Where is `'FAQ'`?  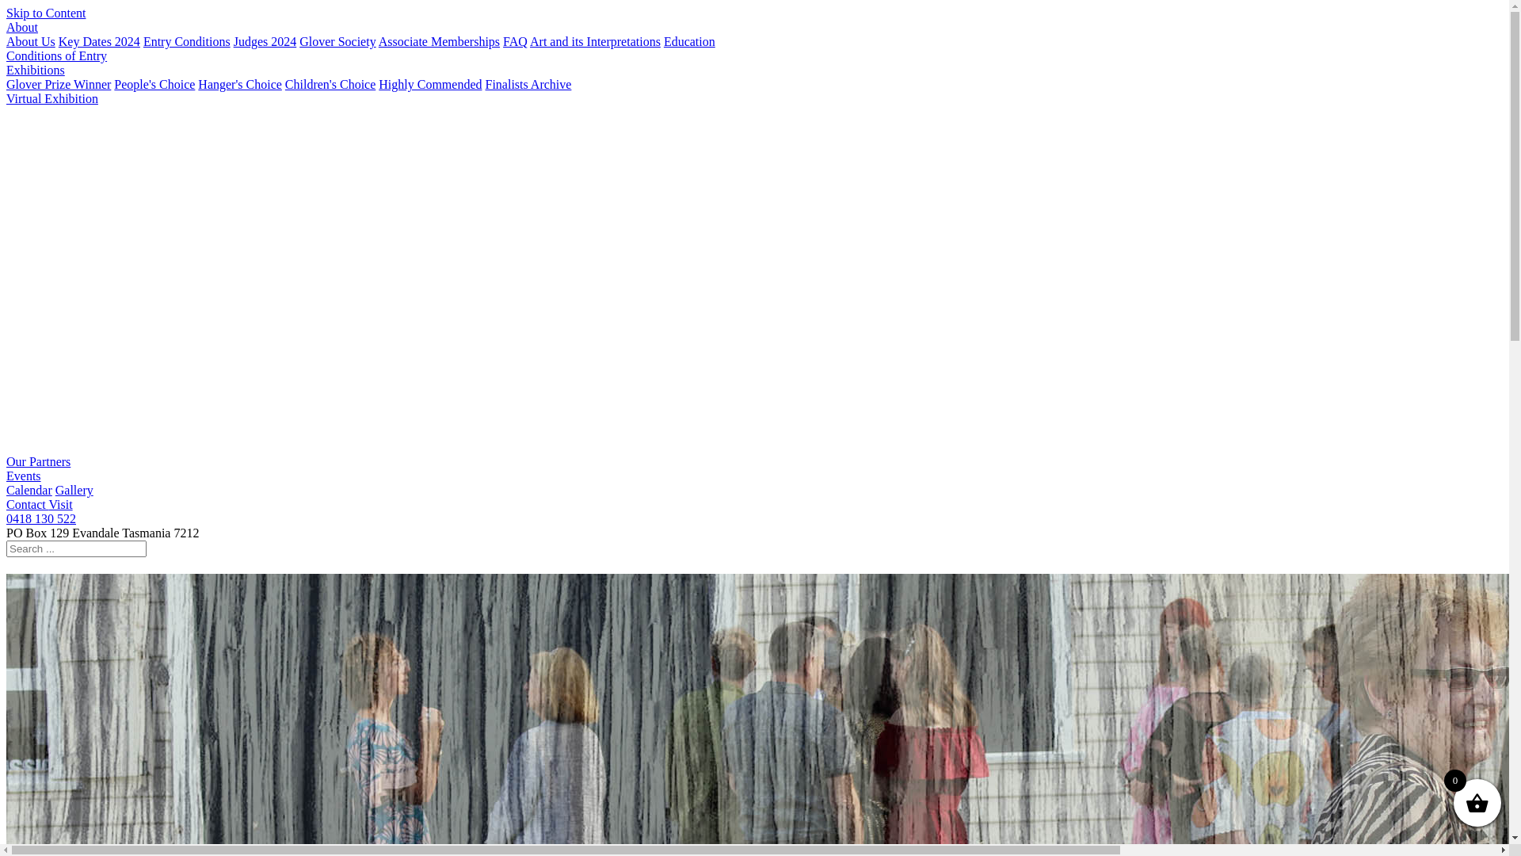 'FAQ' is located at coordinates (501, 40).